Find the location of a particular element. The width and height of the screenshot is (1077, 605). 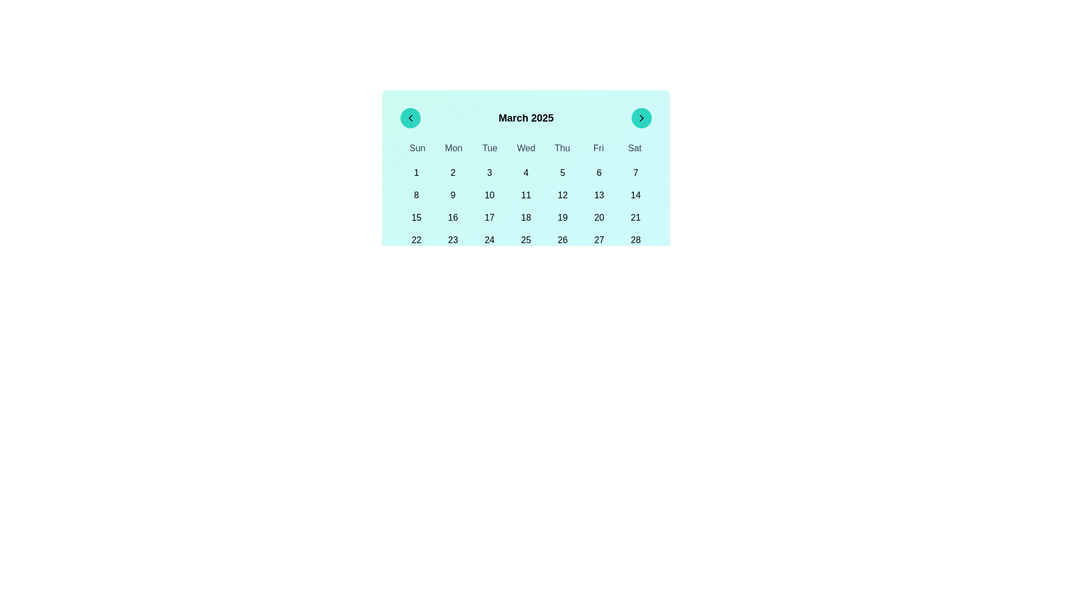

the button displaying '11' in the calendar grid located in the second row and fourth column to trigger a style change is located at coordinates (525, 194).